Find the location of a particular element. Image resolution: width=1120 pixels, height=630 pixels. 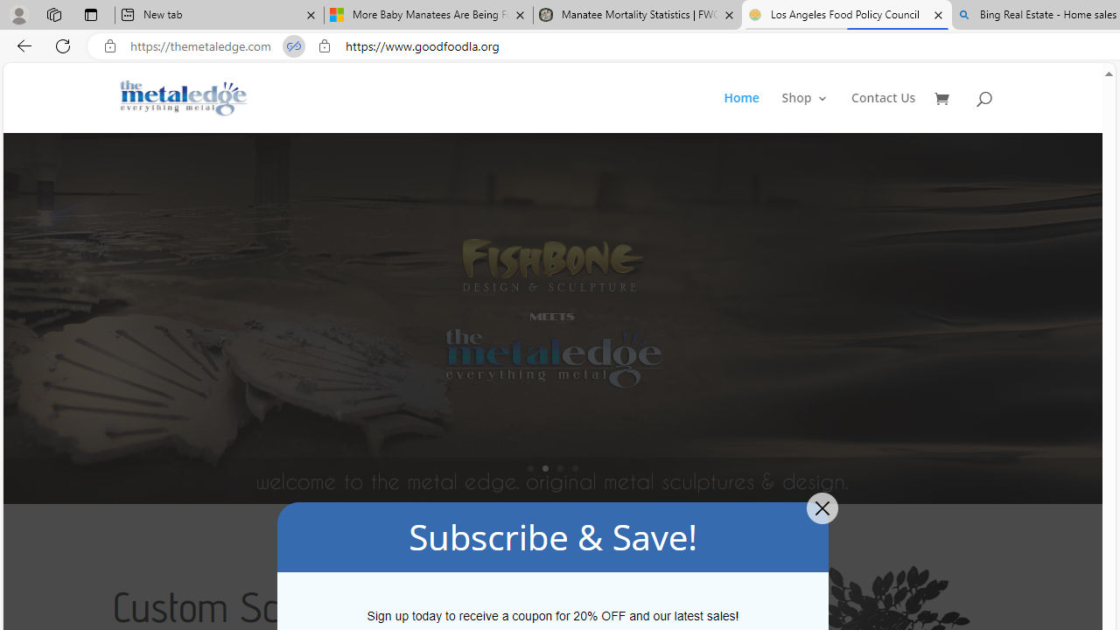

'2' is located at coordinates (544, 467).